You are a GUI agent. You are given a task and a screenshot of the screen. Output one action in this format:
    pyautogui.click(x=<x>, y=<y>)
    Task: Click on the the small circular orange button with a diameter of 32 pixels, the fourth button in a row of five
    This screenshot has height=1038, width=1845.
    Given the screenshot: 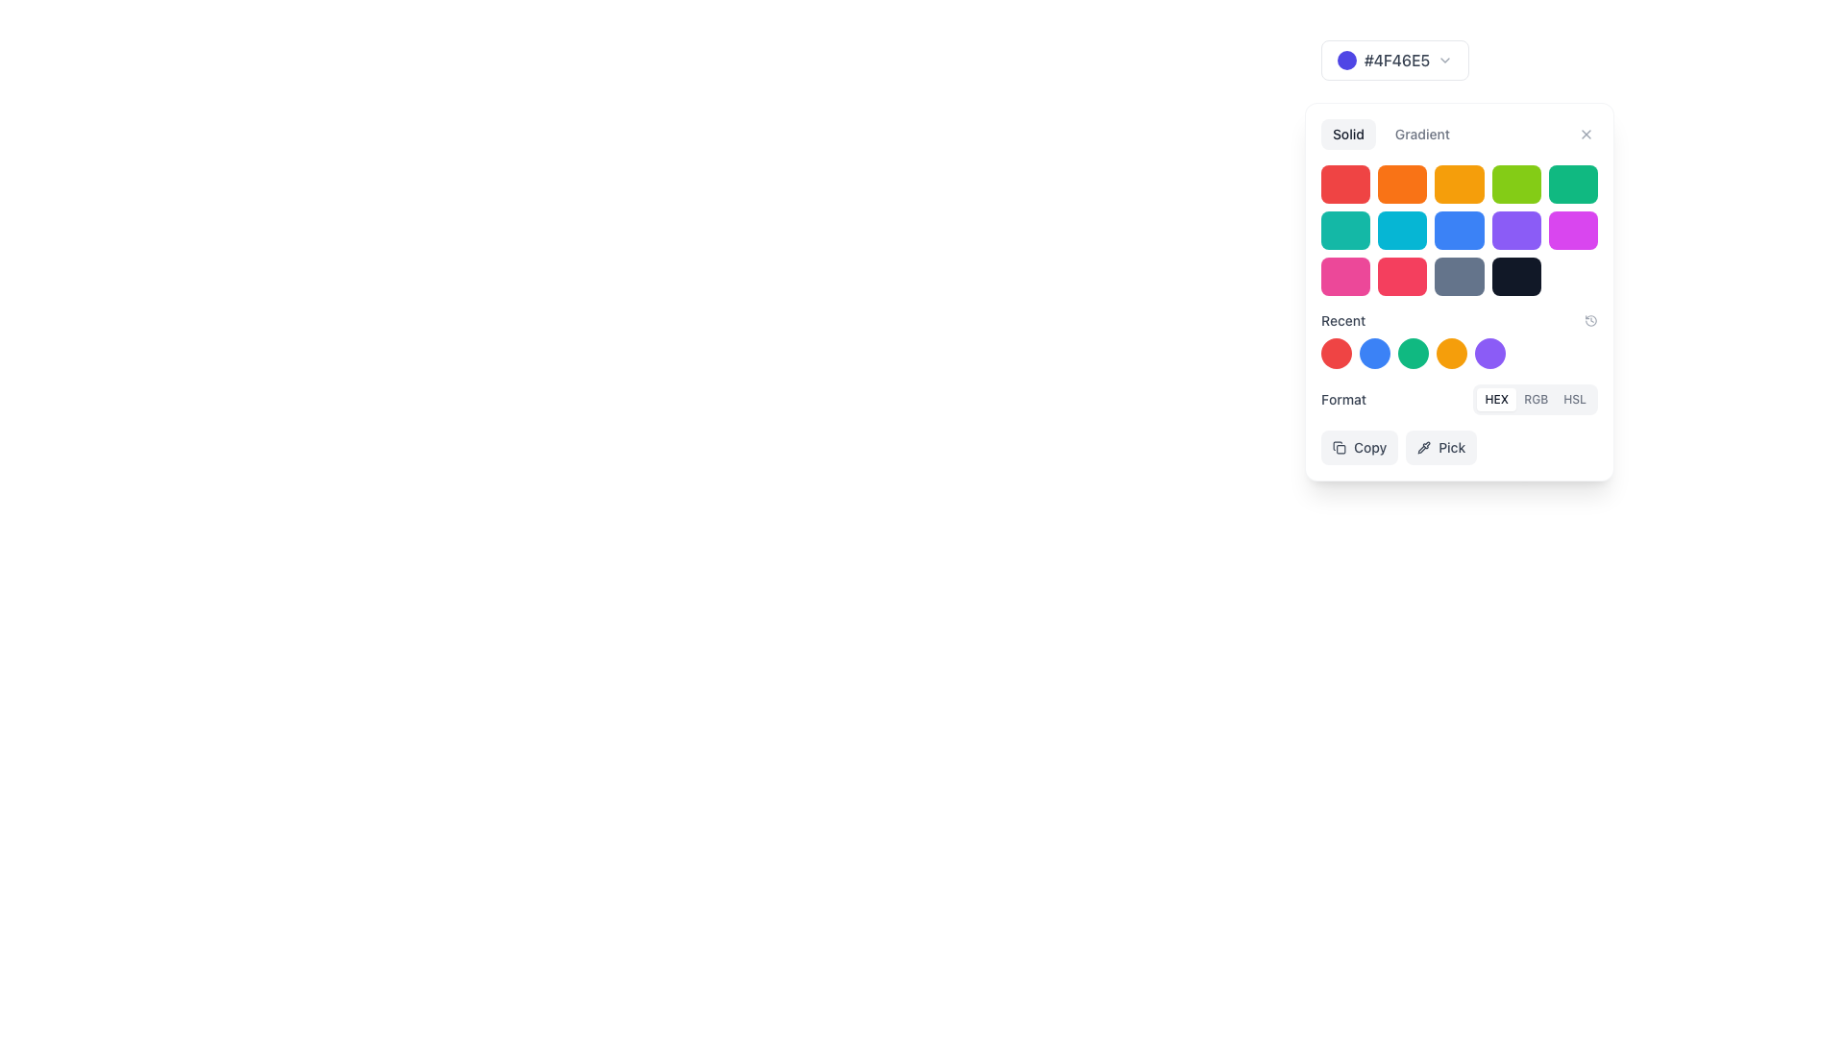 What is the action you would take?
    pyautogui.click(x=1452, y=353)
    